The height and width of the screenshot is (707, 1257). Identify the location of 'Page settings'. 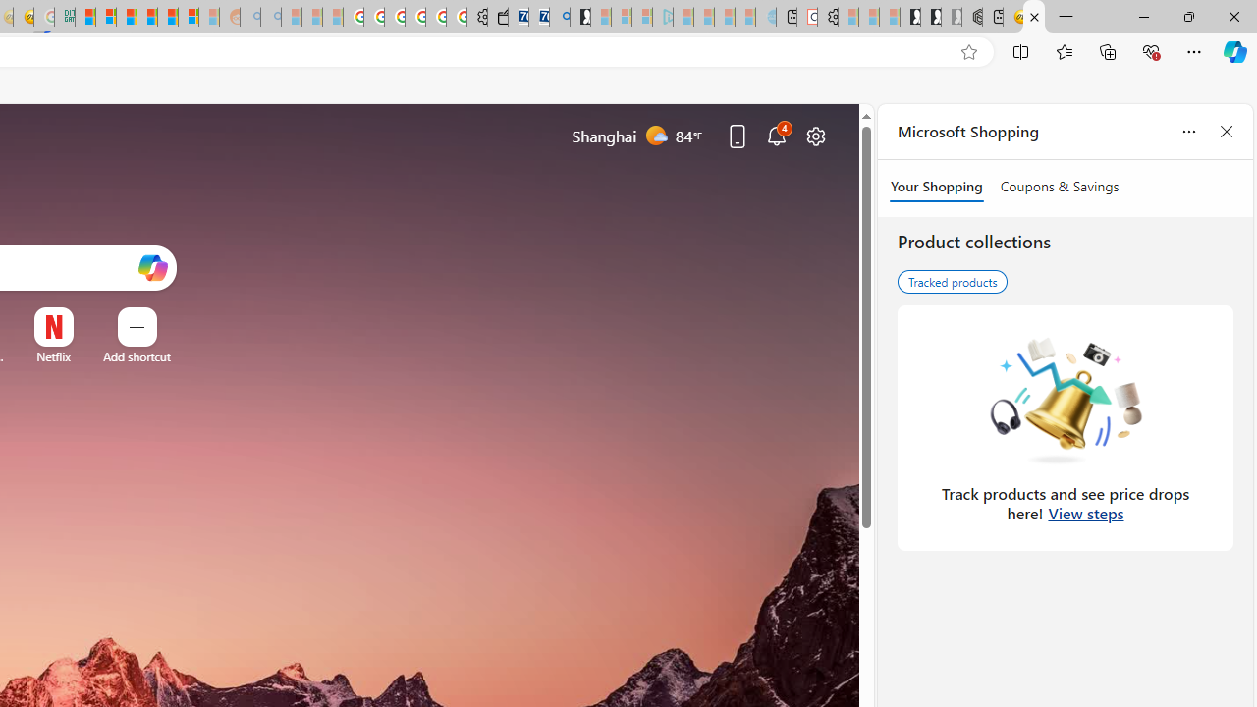
(816, 135).